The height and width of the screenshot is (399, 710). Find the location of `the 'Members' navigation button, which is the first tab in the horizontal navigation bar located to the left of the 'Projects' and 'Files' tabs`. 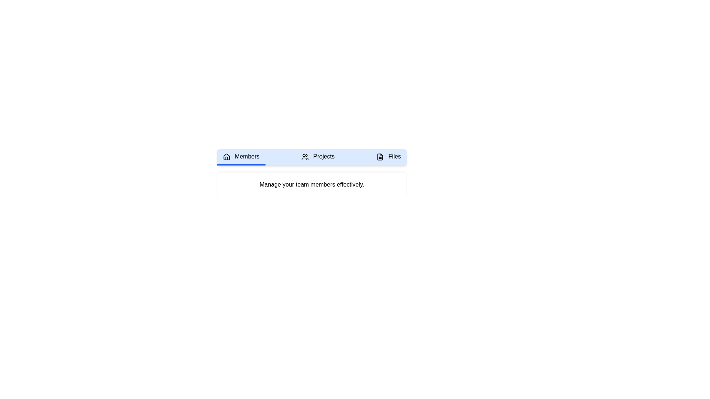

the 'Members' navigation button, which is the first tab in the horizontal navigation bar located to the left of the 'Projects' and 'Files' tabs is located at coordinates (241, 157).